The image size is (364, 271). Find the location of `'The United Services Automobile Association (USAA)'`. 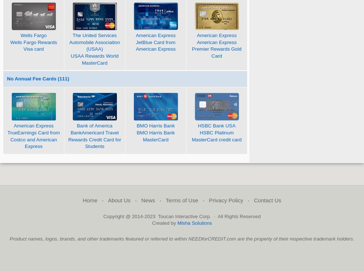

'The United Services Automobile Association (USAA)' is located at coordinates (94, 42).